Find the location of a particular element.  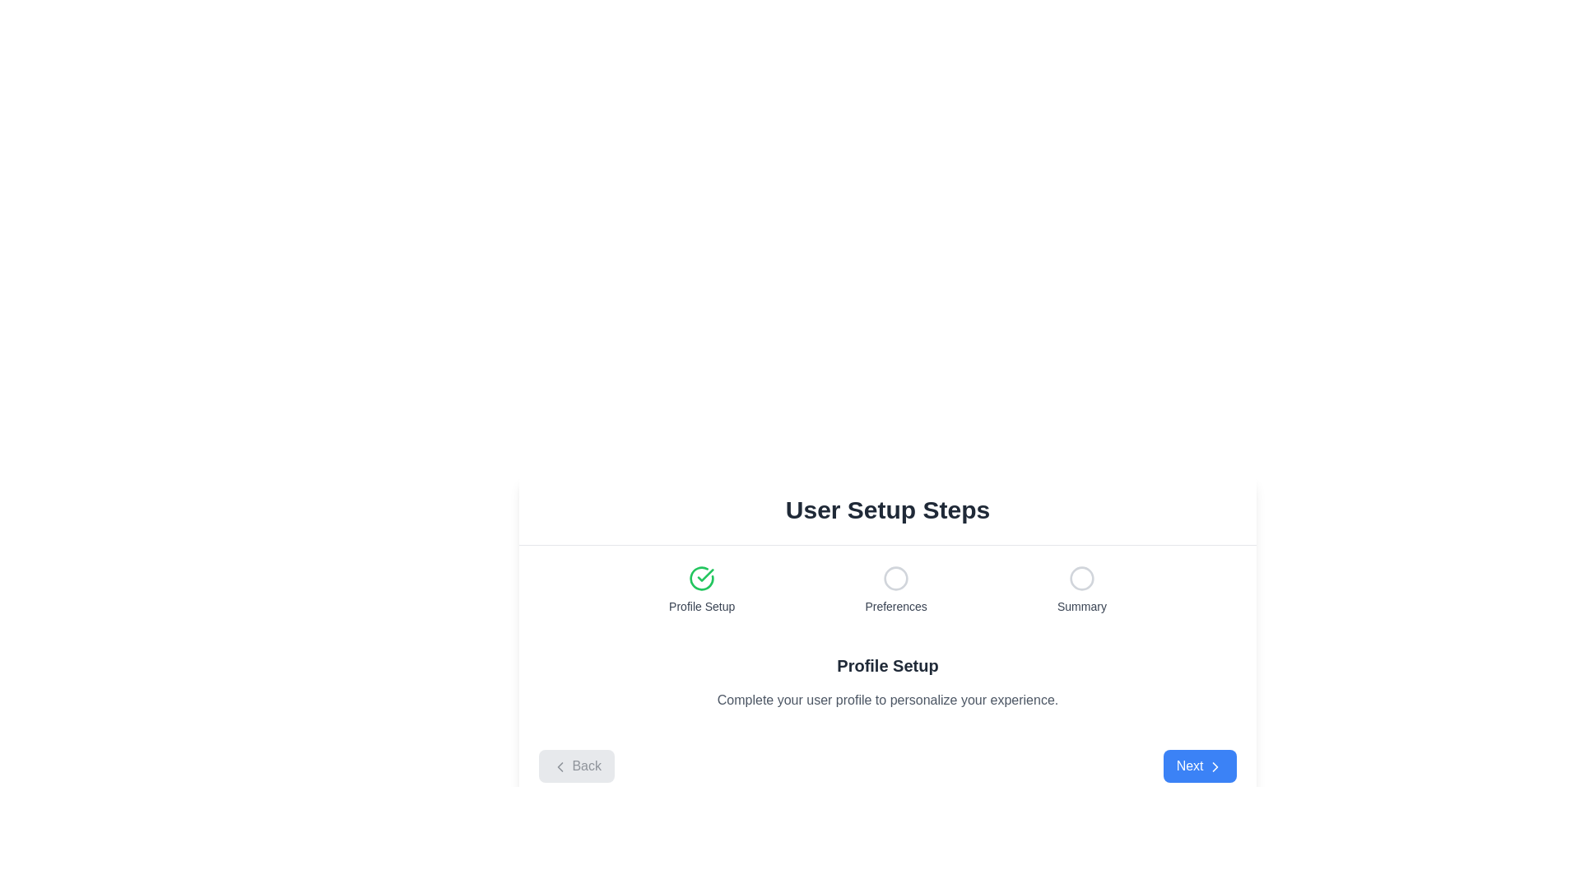

the static text label that displays the word 'Preferences', which is styled with a smaller font size and light gray color, located under the circular icon representing the 'Preferences' step in the sequence of three steps is located at coordinates (895, 606).